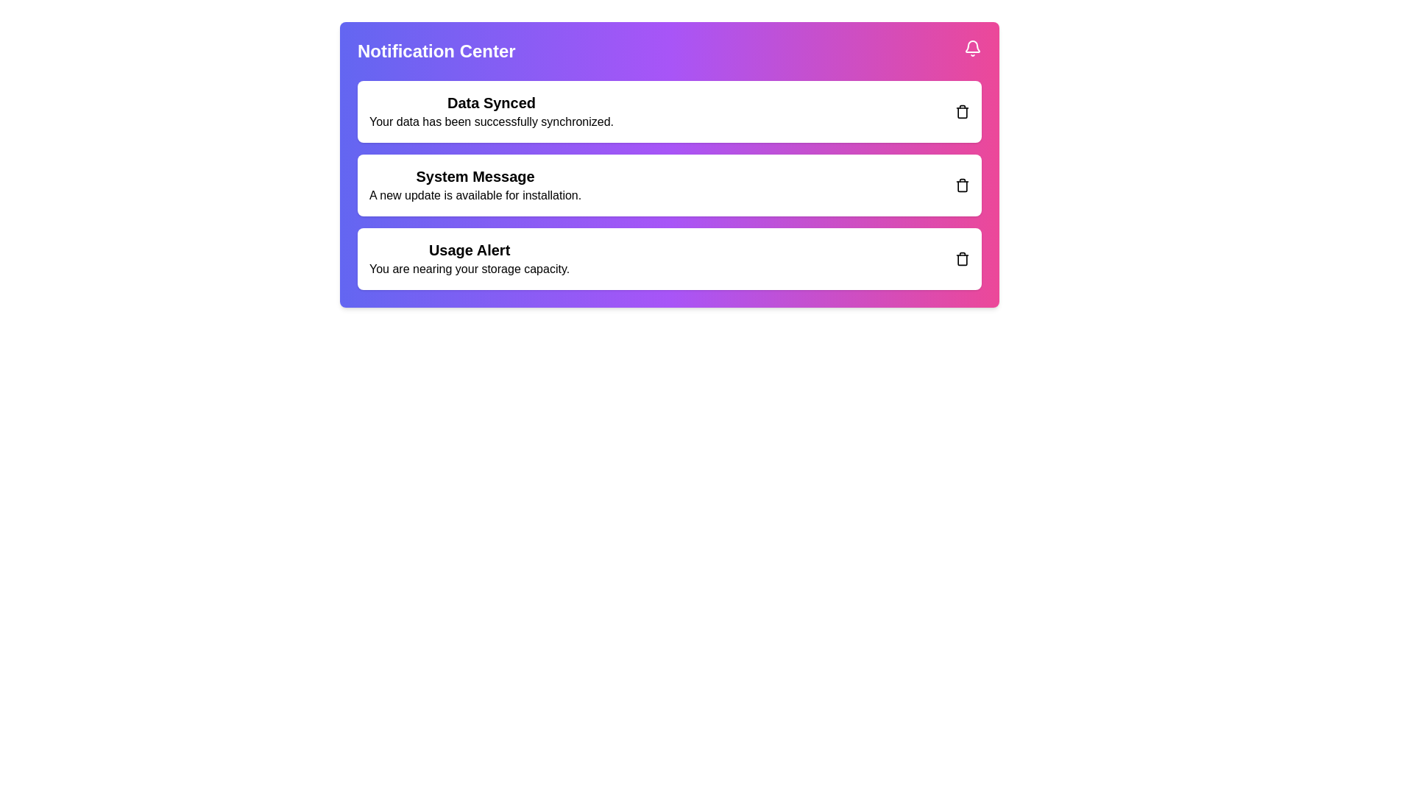 The width and height of the screenshot is (1413, 795). What do you see at coordinates (669, 258) in the screenshot?
I see `notification details displayed in the Notification tile that alerts the user about nearing their storage capacity, located third from the top in the notification list` at bounding box center [669, 258].